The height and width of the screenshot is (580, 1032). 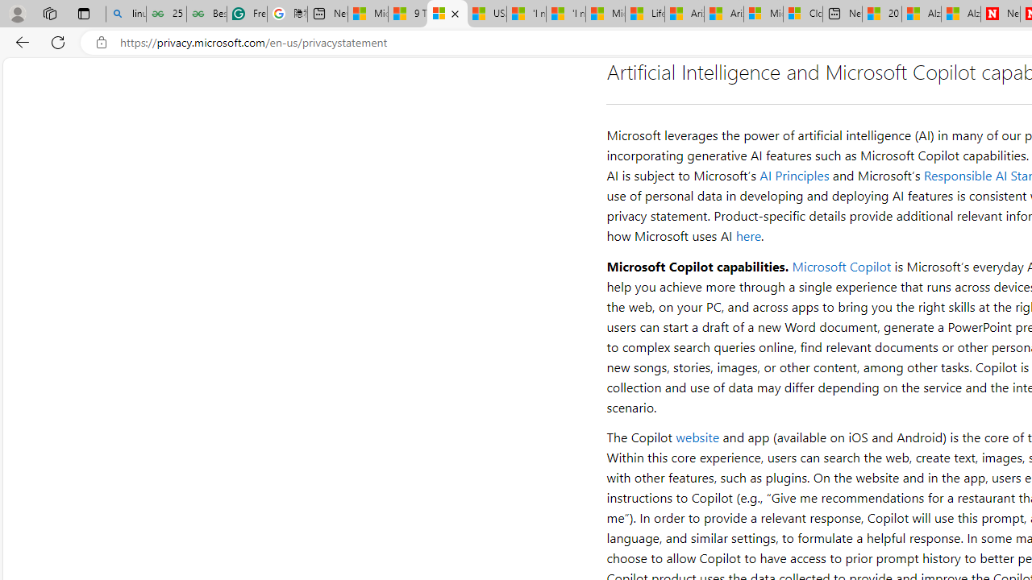 What do you see at coordinates (486, 14) in the screenshot?
I see `'USA TODAY - MSN'` at bounding box center [486, 14].